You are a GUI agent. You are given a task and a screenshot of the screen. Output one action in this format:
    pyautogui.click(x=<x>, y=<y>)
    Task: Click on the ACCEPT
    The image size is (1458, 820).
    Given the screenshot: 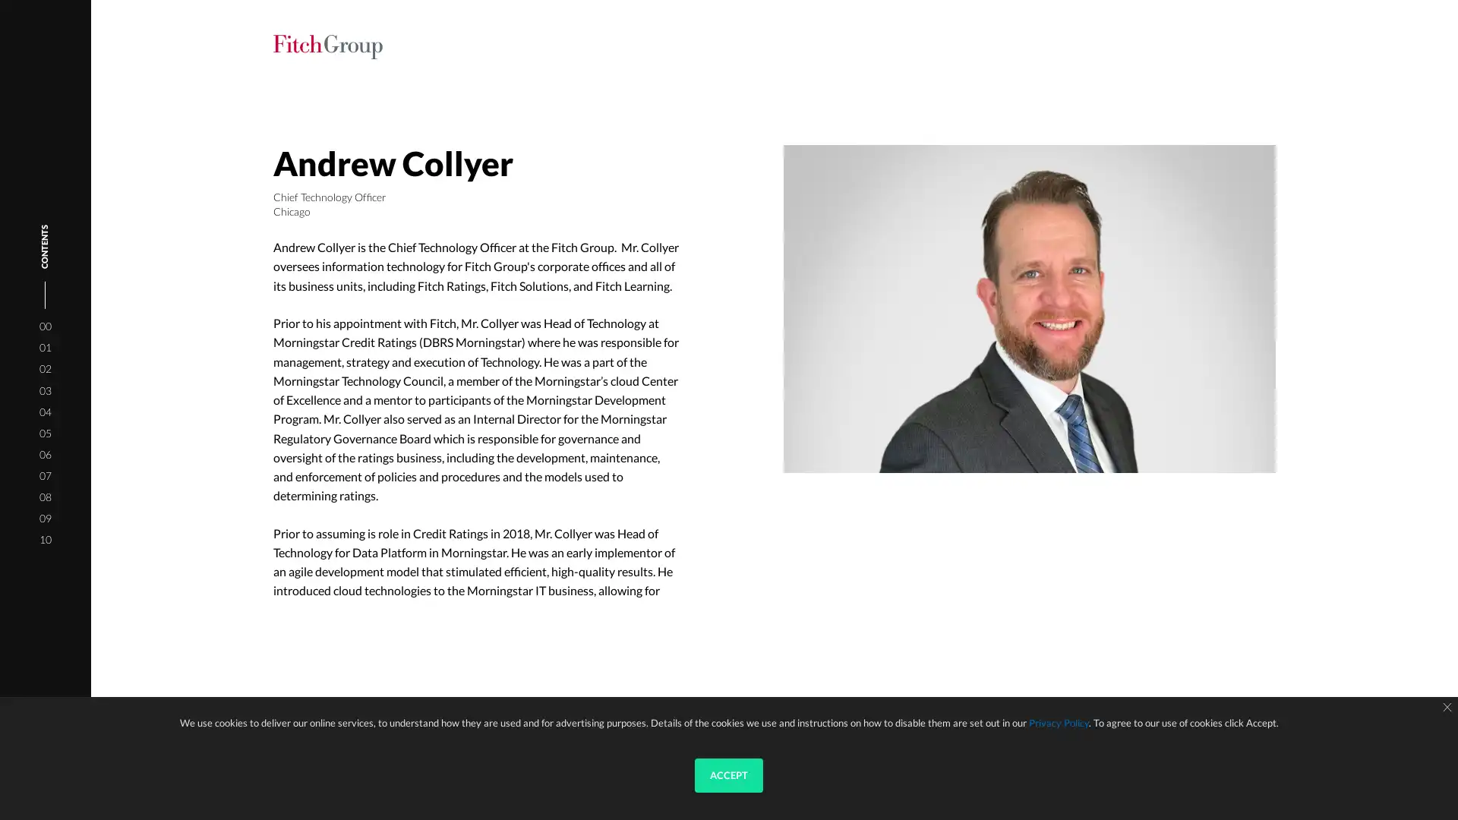 What is the action you would take?
    pyautogui.click(x=729, y=775)
    